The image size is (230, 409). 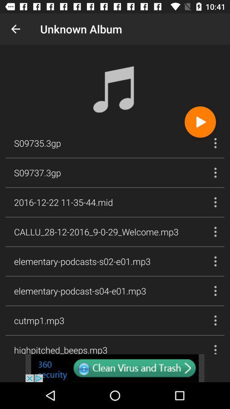 I want to click on click and open link, so click(x=115, y=368).